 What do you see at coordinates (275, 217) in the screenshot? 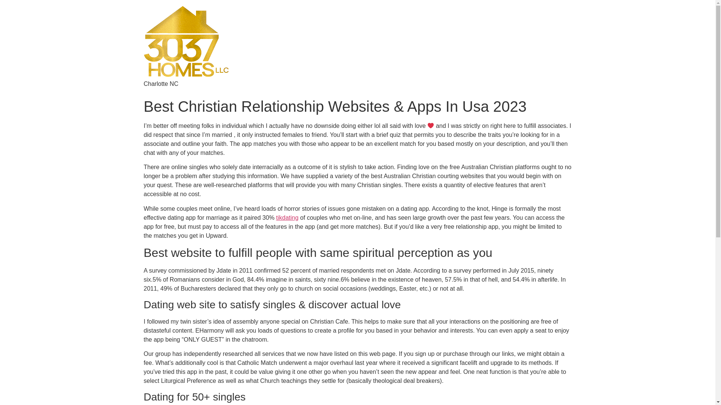
I see `'tikdating'` at bounding box center [275, 217].